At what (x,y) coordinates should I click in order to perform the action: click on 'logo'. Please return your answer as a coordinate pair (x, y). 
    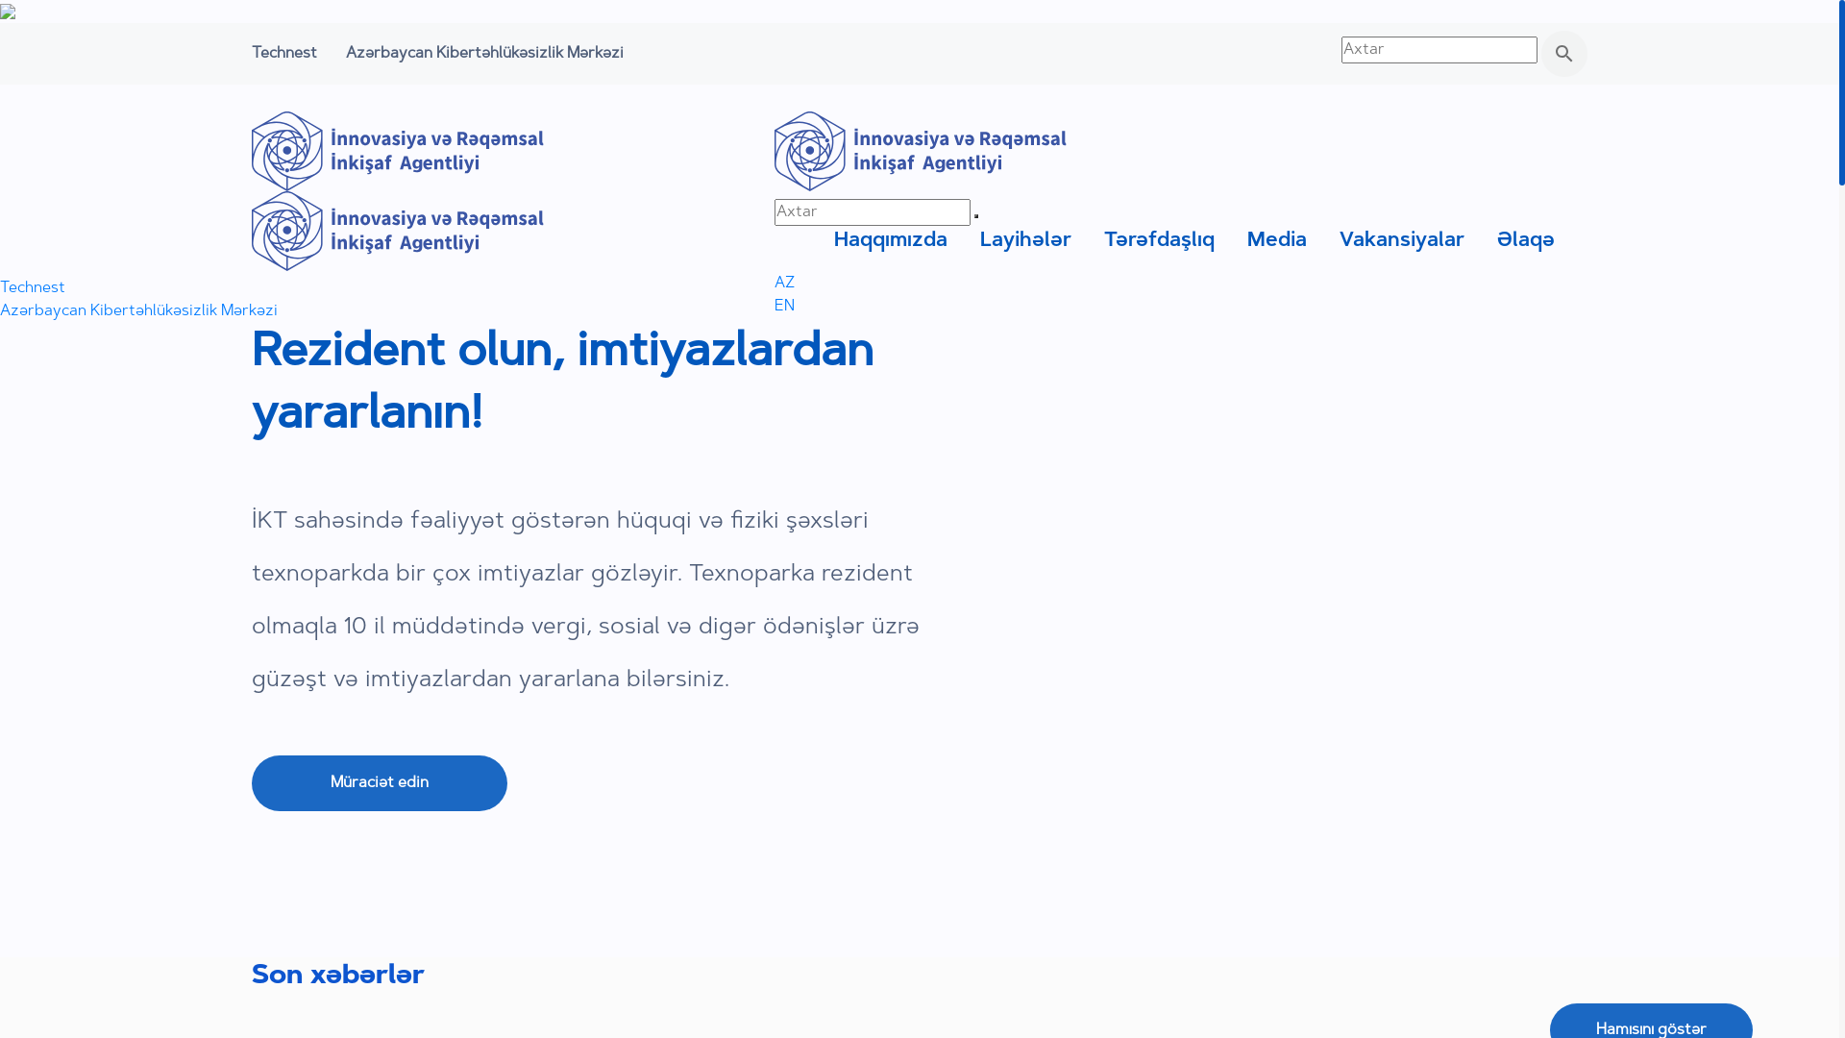
    Looking at the image, I should click on (396, 230).